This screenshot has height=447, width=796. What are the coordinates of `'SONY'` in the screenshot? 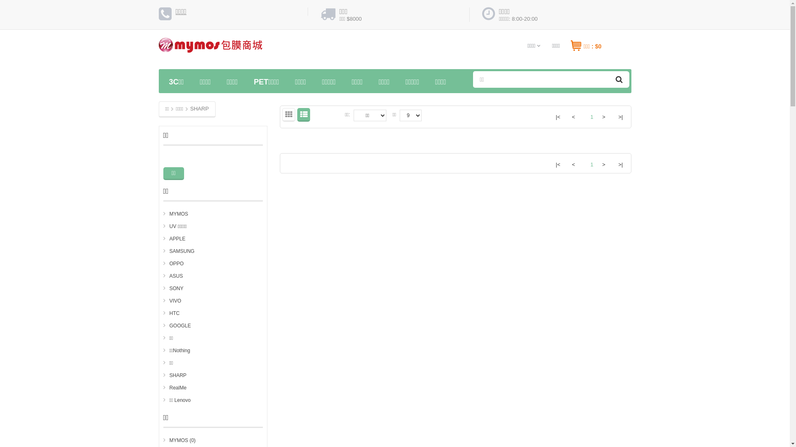 It's located at (173, 288).